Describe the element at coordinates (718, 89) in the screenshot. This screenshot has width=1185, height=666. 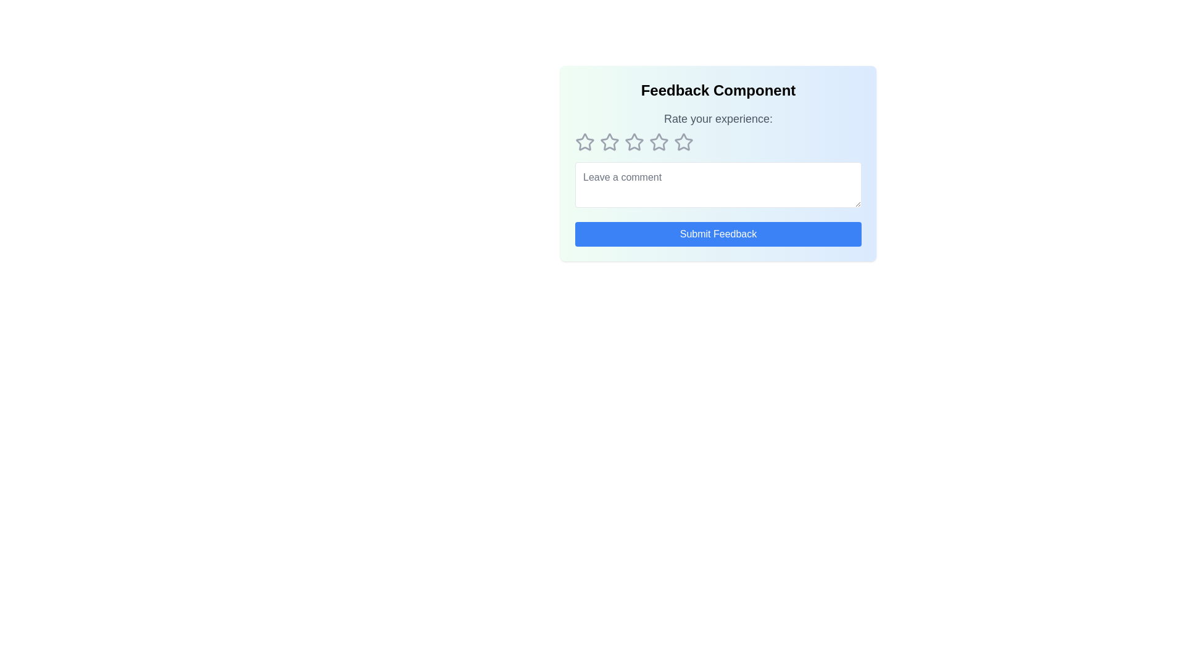
I see `the title text label of the feedback form, which is the first visible component above the rating stars and comment input field` at that location.